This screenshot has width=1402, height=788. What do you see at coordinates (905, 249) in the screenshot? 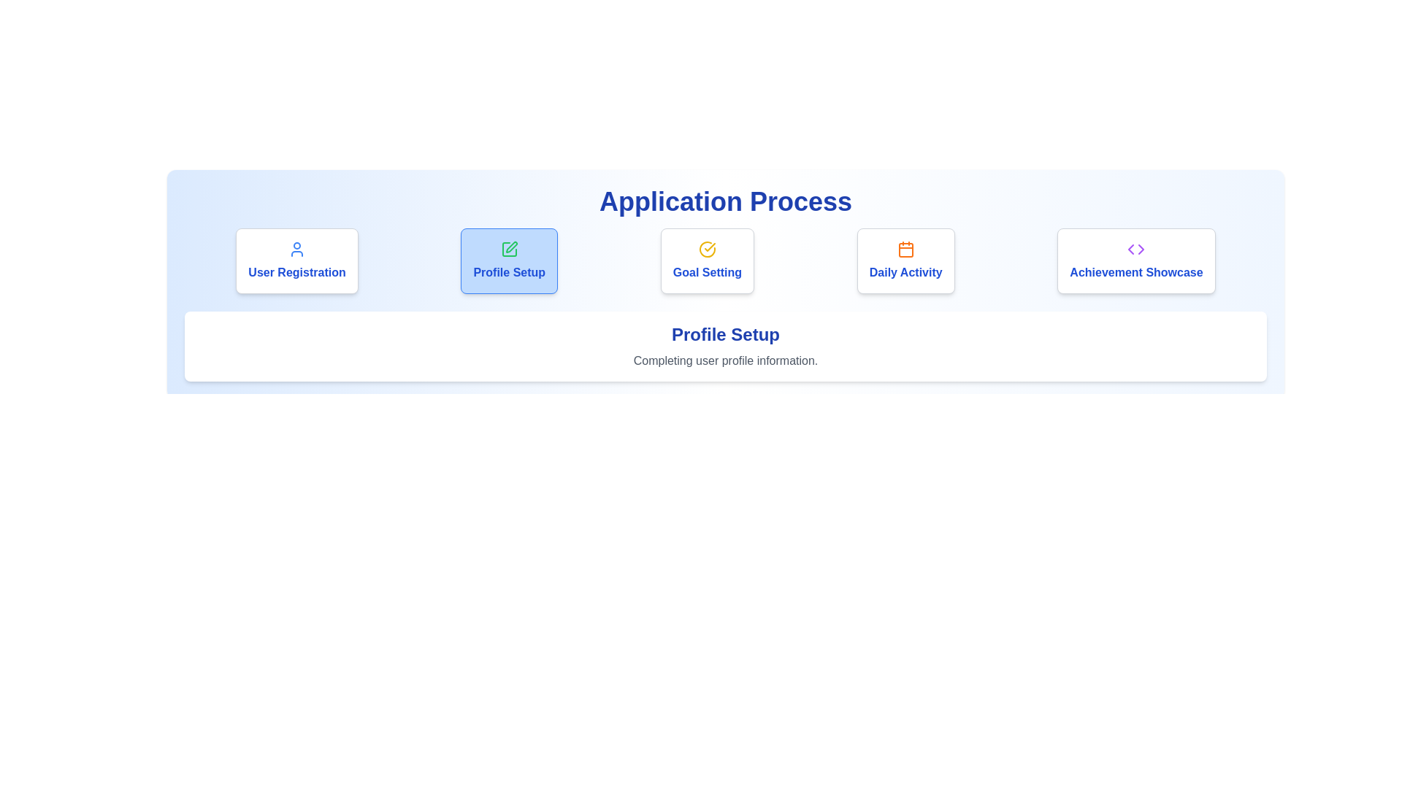
I see `the orange calendar icon located at the top center of the 'Daily Activity' card` at bounding box center [905, 249].